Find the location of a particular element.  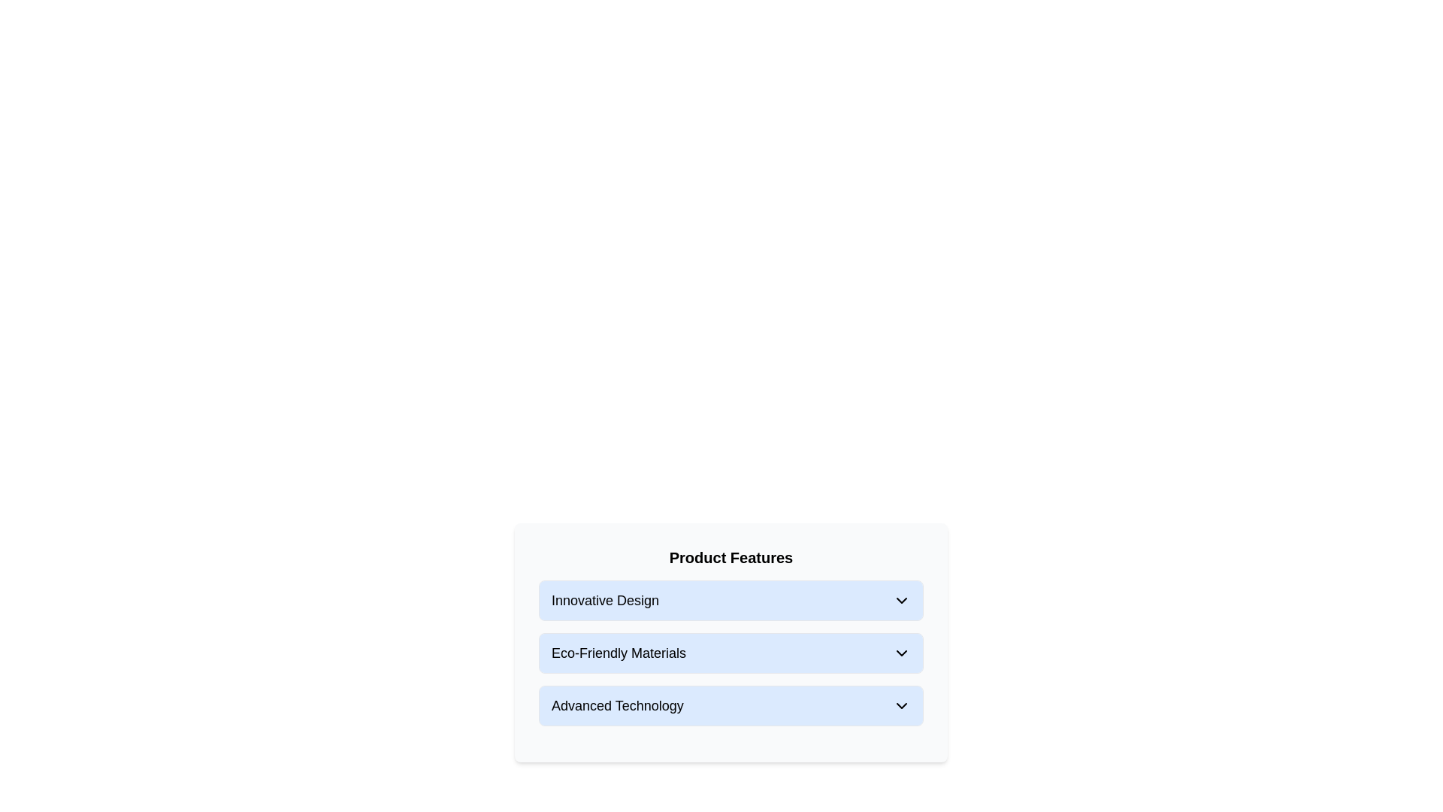

the right arrow on the second item in the 'Product Features' list, which represents 'Eco-Friendly Materials' is located at coordinates (731, 652).